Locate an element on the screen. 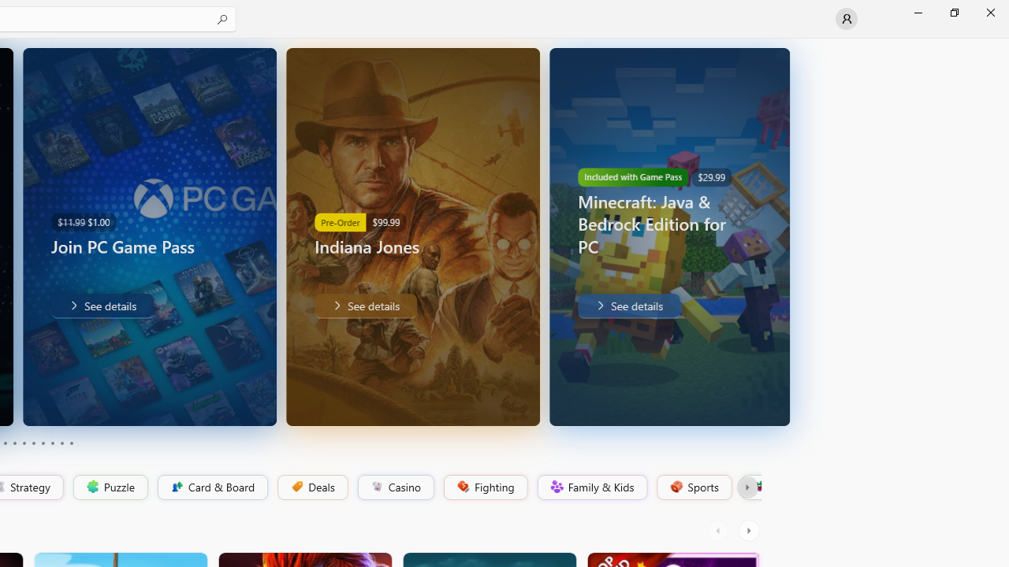 This screenshot has height=567, width=1009. 'Casino' is located at coordinates (395, 487).